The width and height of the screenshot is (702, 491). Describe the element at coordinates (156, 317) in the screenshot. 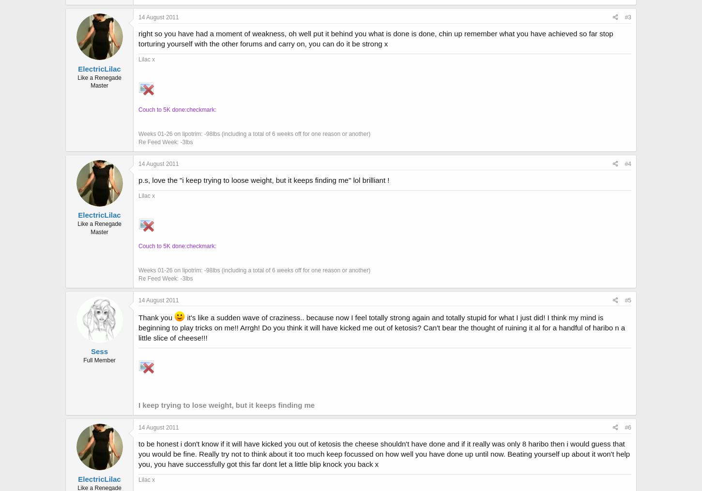

I see `'Thank you'` at that location.